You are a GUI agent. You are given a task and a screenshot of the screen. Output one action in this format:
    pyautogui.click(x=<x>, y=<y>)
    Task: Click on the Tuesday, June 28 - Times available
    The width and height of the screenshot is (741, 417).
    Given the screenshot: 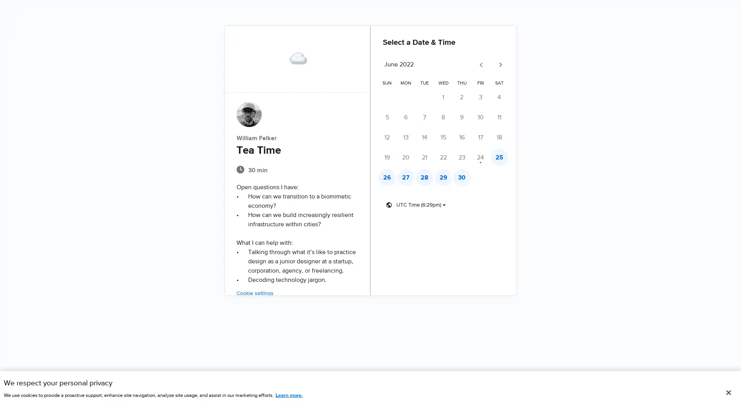 What is the action you would take?
    pyautogui.click(x=427, y=177)
    